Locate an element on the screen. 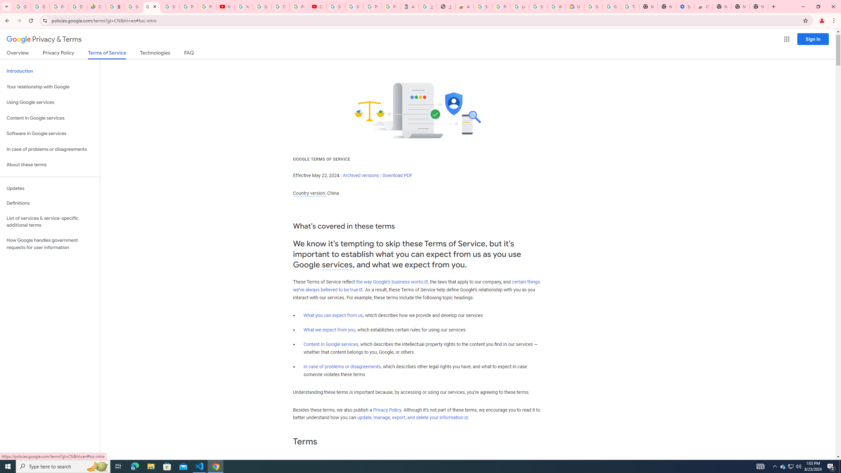 This screenshot has width=841, height=473. 'YouTube' is located at coordinates (243, 6).